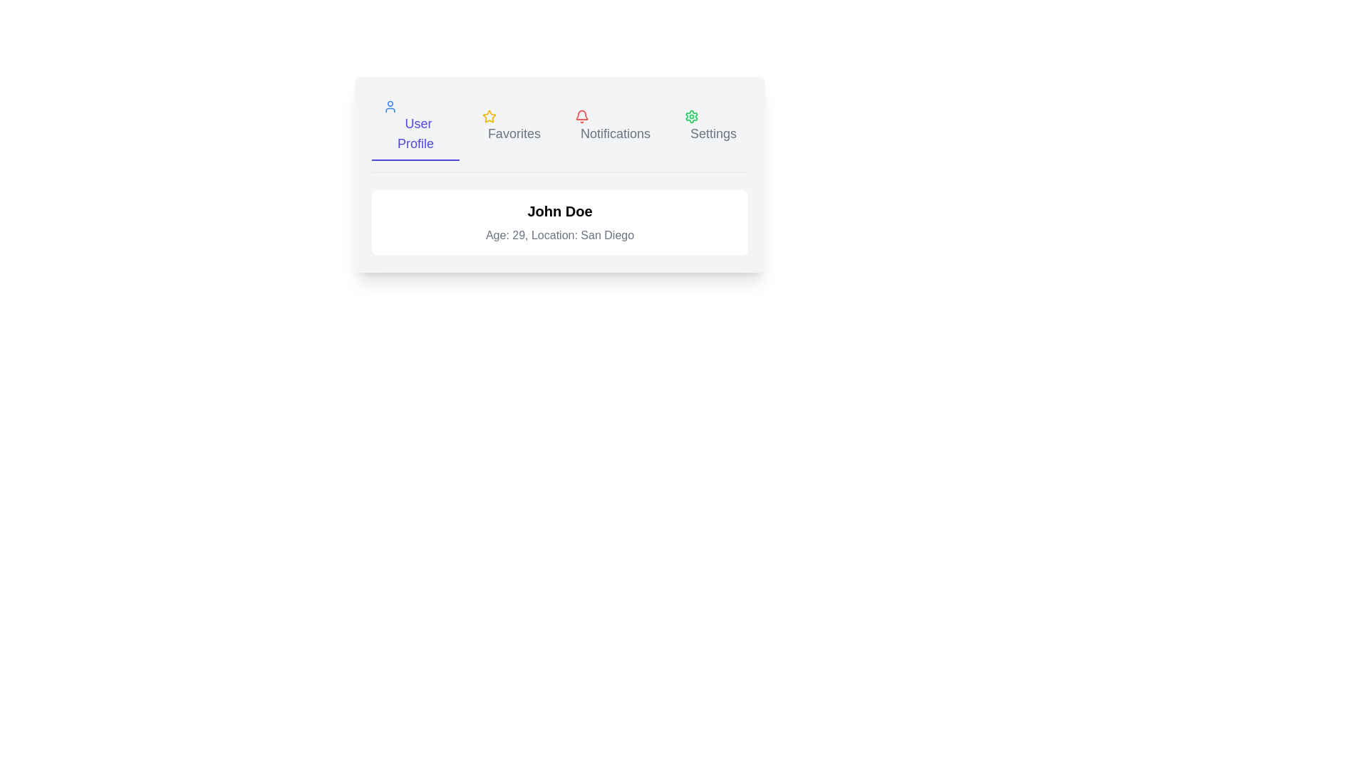  I want to click on the star icon located in the 'Favorites' section, positioned to the left of the 'Favorites' label, so click(489, 116).